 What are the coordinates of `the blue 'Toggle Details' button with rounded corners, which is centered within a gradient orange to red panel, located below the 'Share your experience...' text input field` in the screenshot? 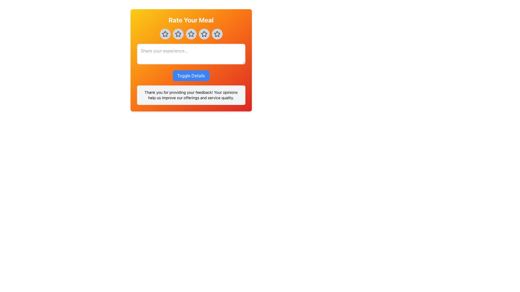 It's located at (191, 76).